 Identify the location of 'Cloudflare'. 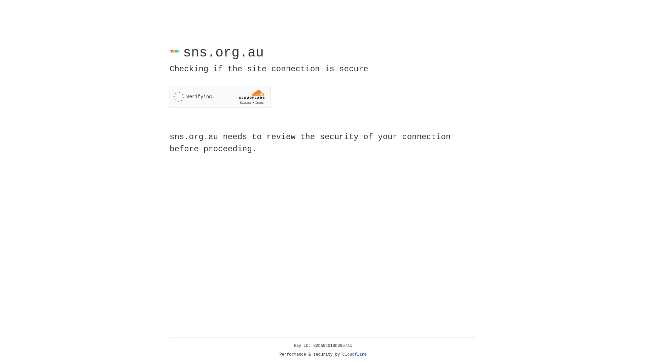
(354, 354).